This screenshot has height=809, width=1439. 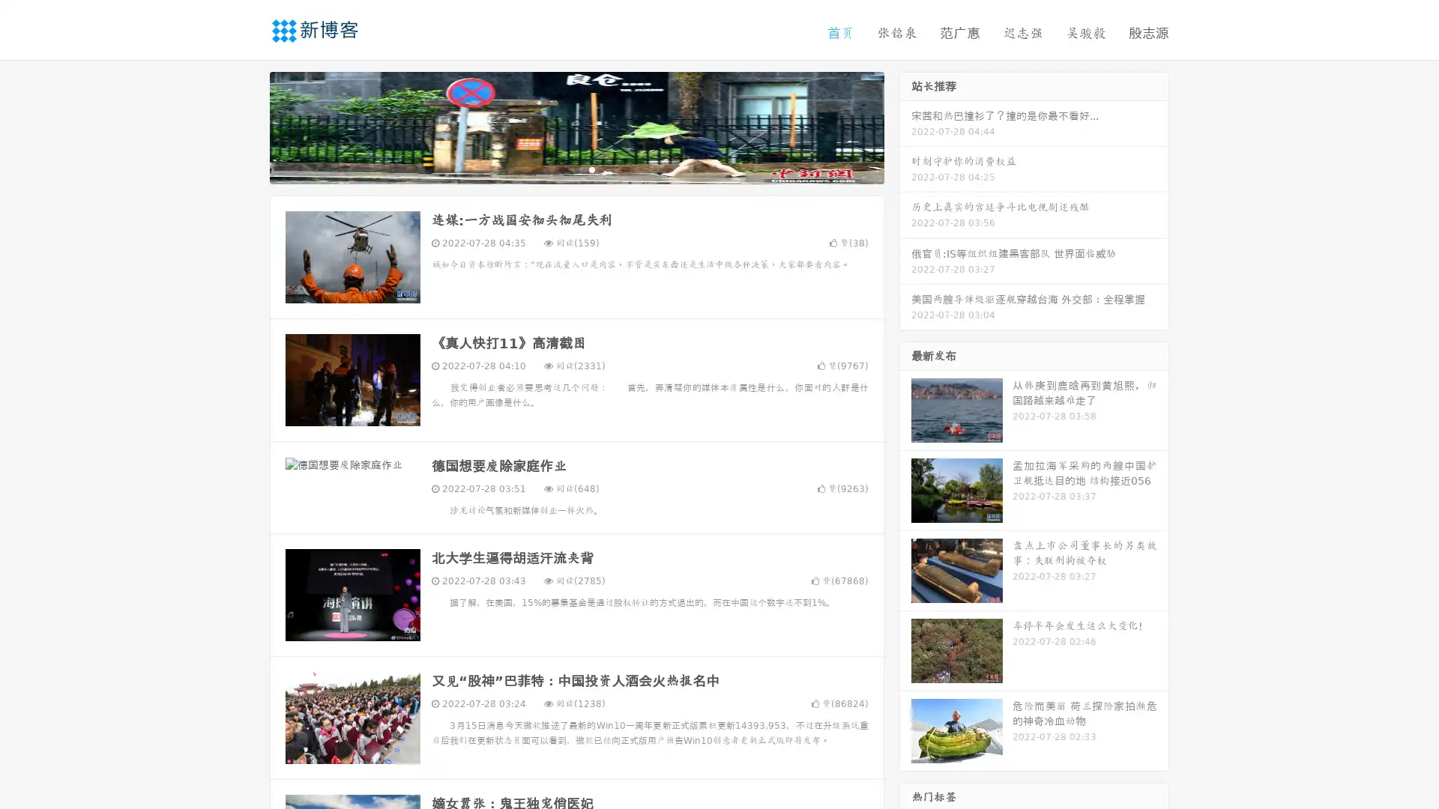 I want to click on Previous slide, so click(x=247, y=126).